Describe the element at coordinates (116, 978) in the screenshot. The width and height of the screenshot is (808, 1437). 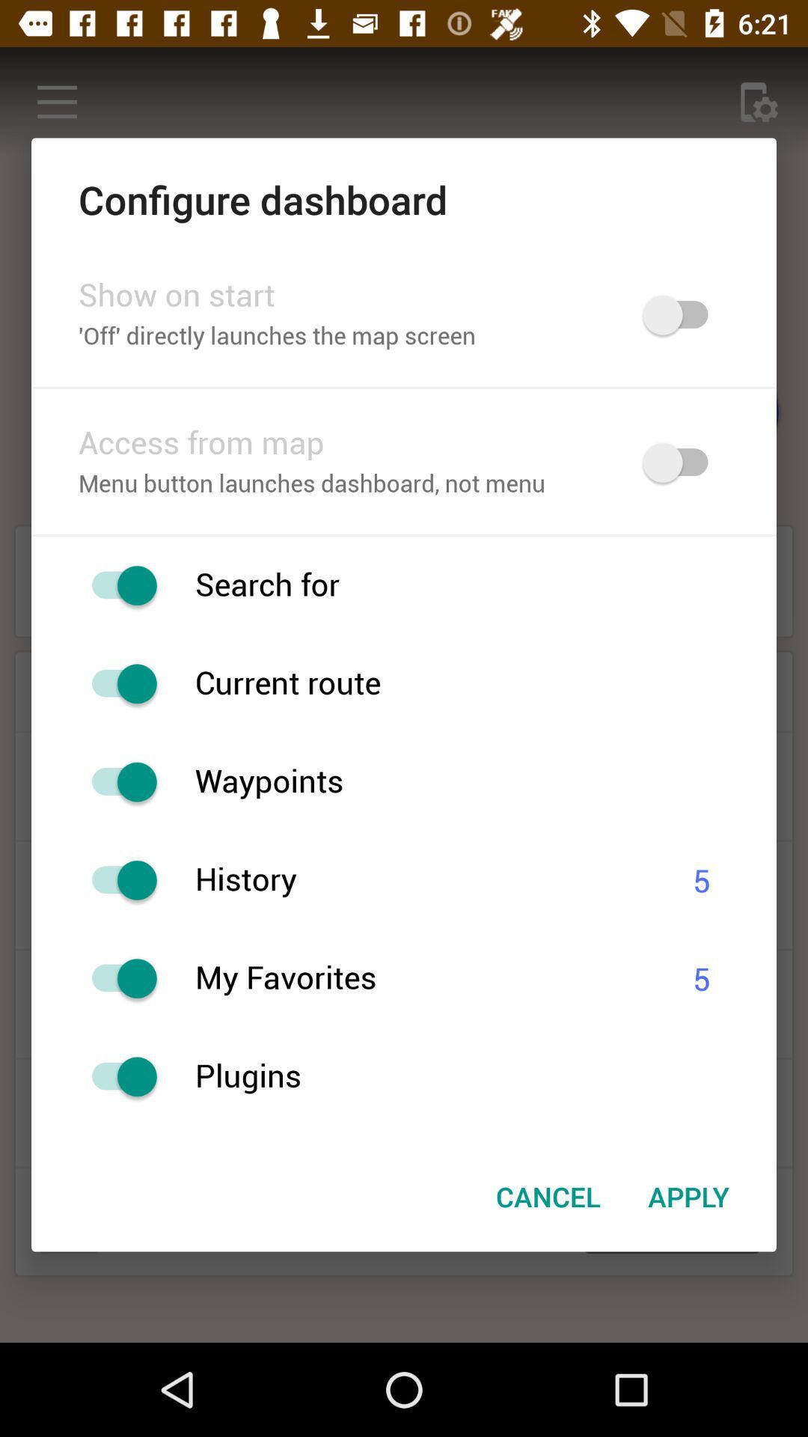
I see `my favorites` at that location.